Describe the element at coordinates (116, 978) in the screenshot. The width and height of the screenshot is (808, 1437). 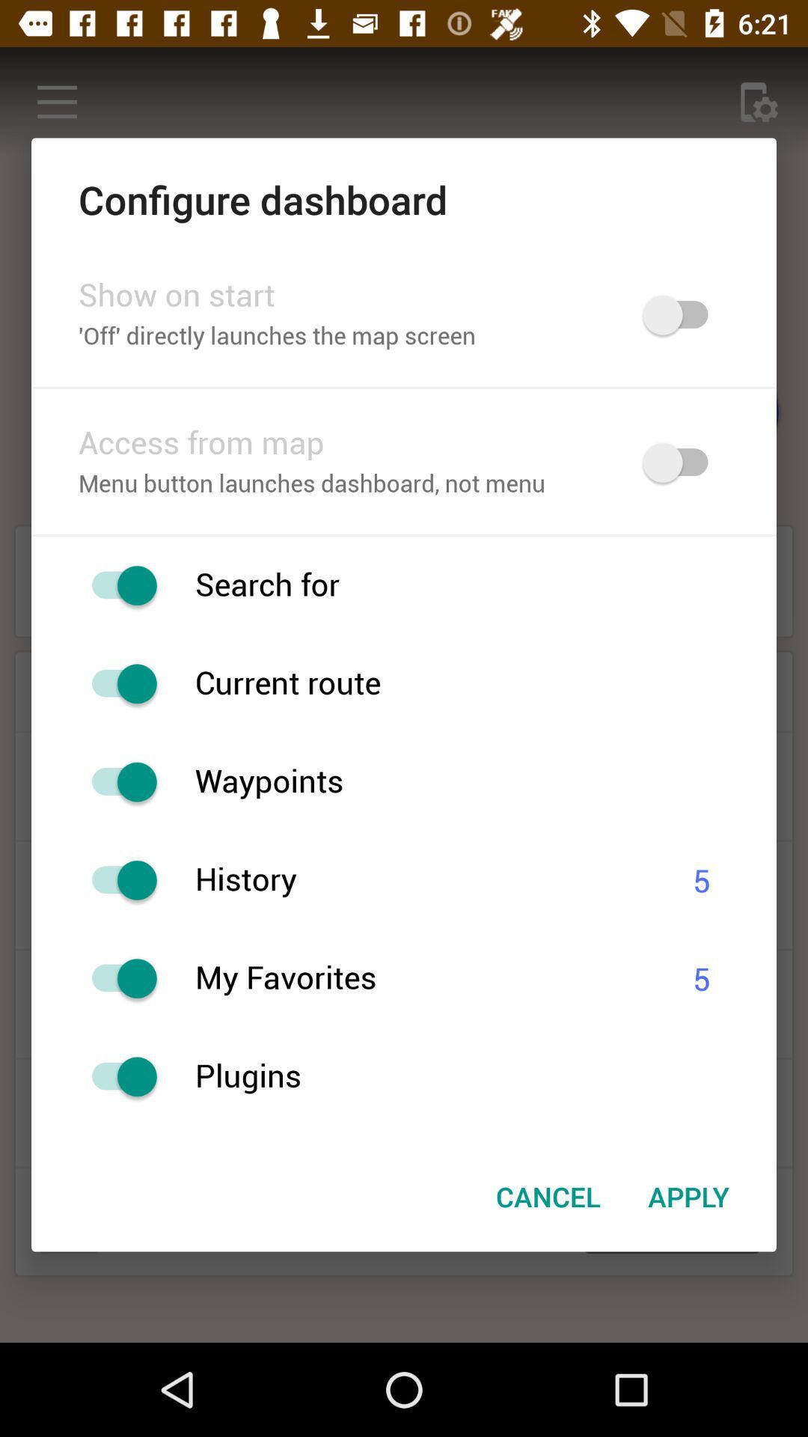
I see `my favorites` at that location.